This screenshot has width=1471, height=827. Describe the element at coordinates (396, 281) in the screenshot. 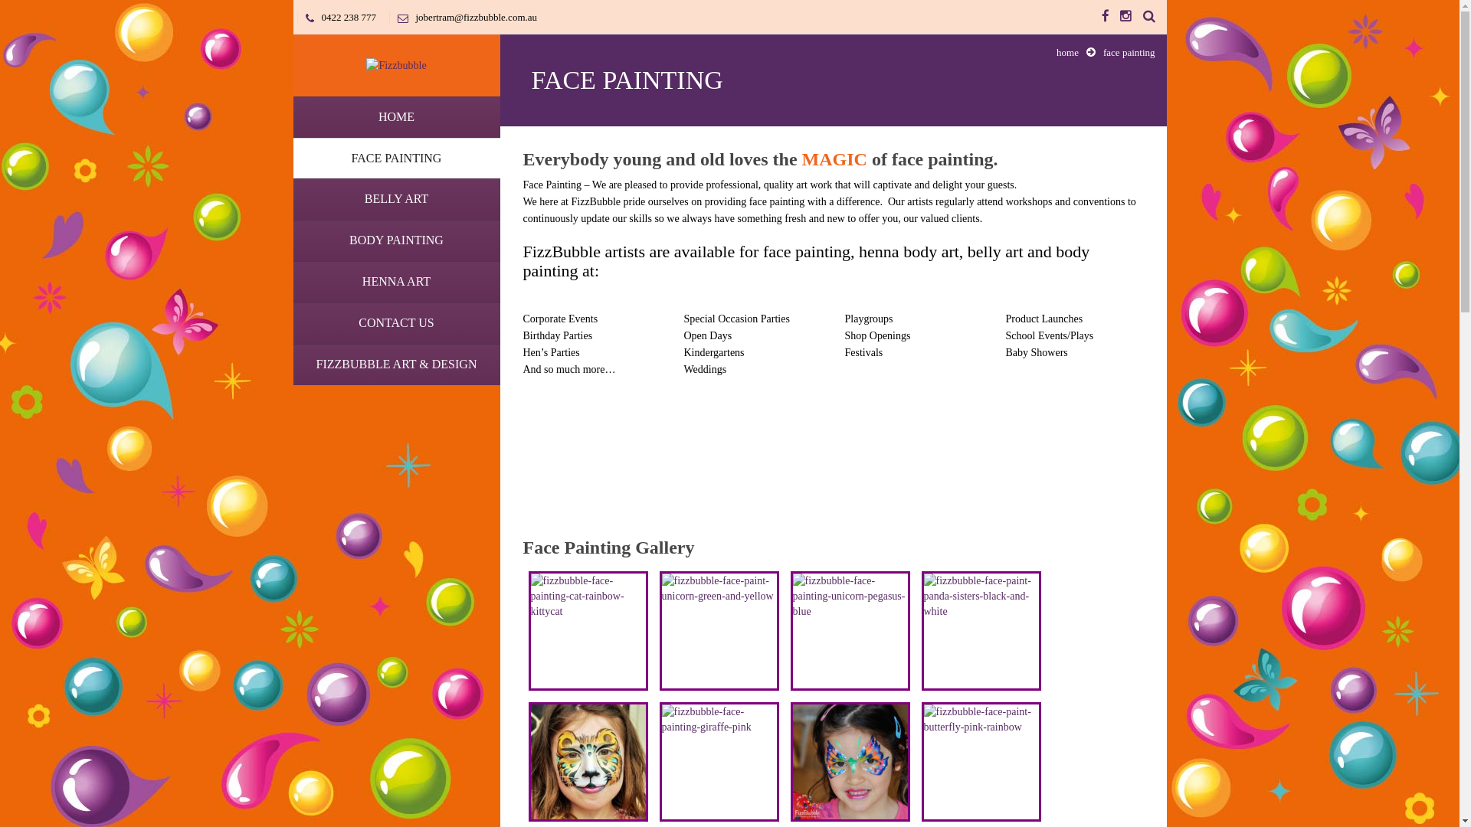

I see `'HENNA ART'` at that location.